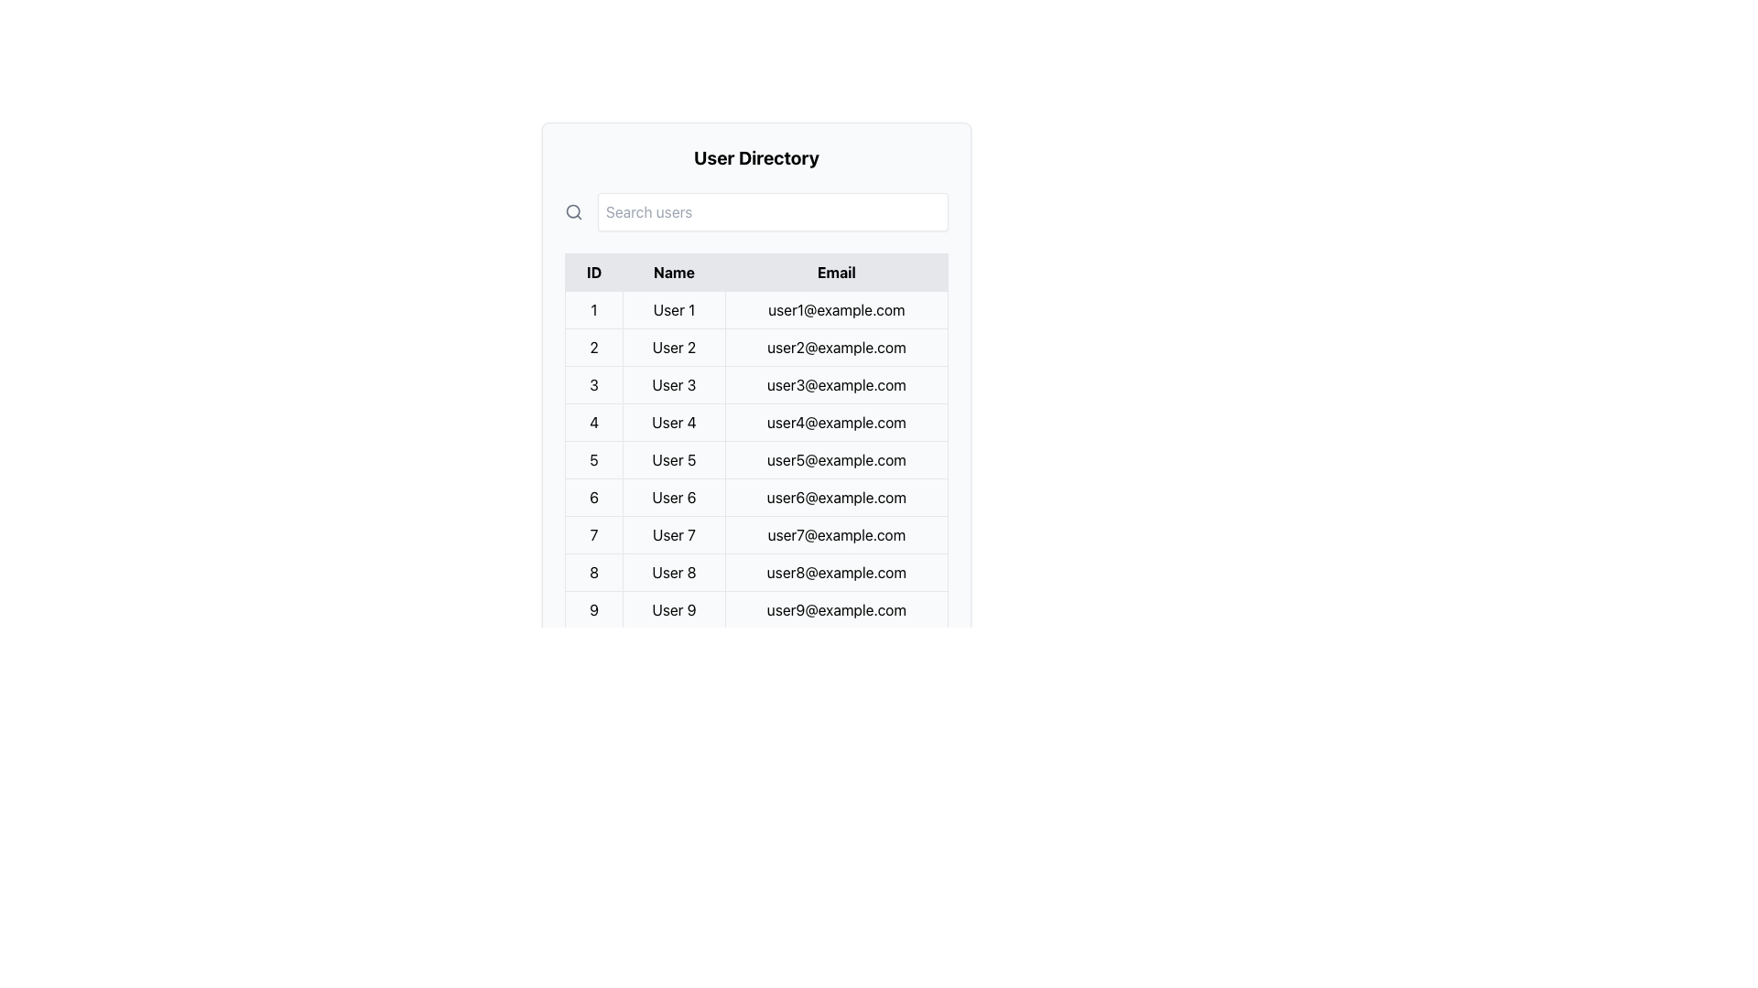 This screenshot has height=988, width=1758. What do you see at coordinates (673, 348) in the screenshot?
I see `the text label displaying 'User 2' in the second row and second column of the table` at bounding box center [673, 348].